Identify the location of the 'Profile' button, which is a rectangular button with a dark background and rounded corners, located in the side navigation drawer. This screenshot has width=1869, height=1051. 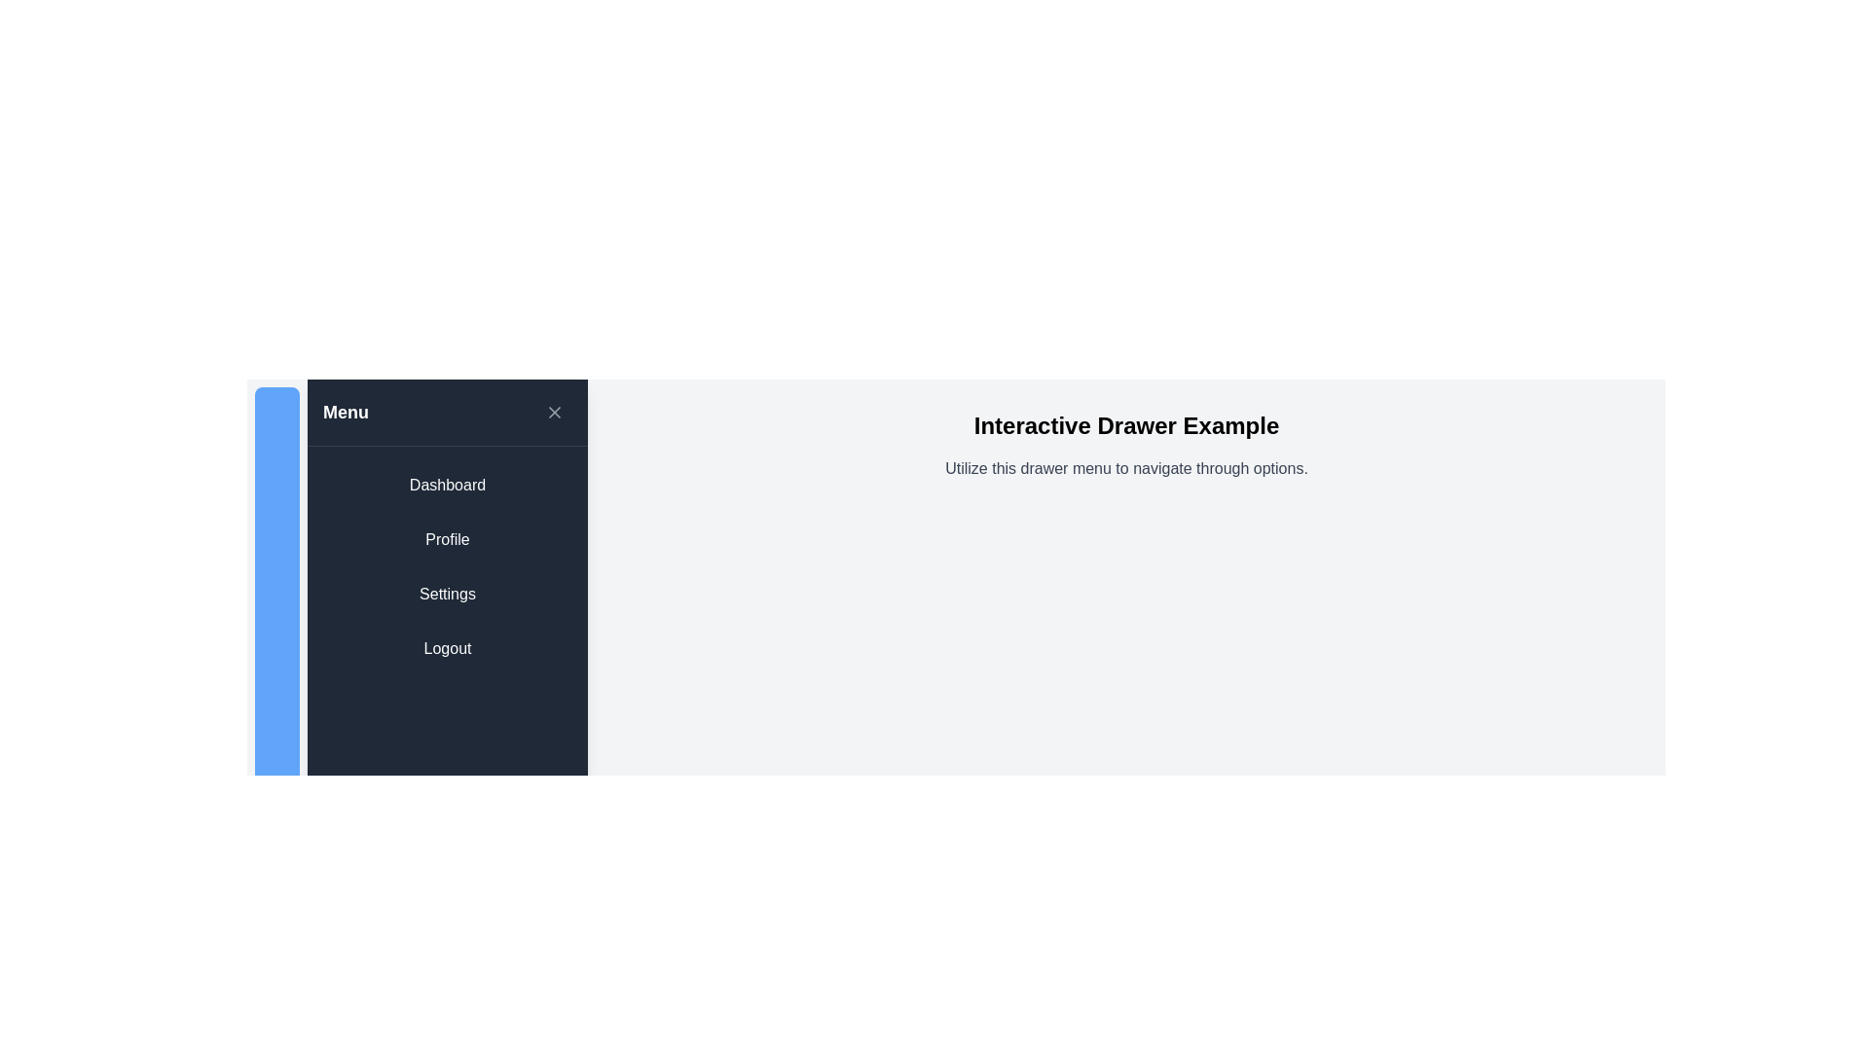
(447, 540).